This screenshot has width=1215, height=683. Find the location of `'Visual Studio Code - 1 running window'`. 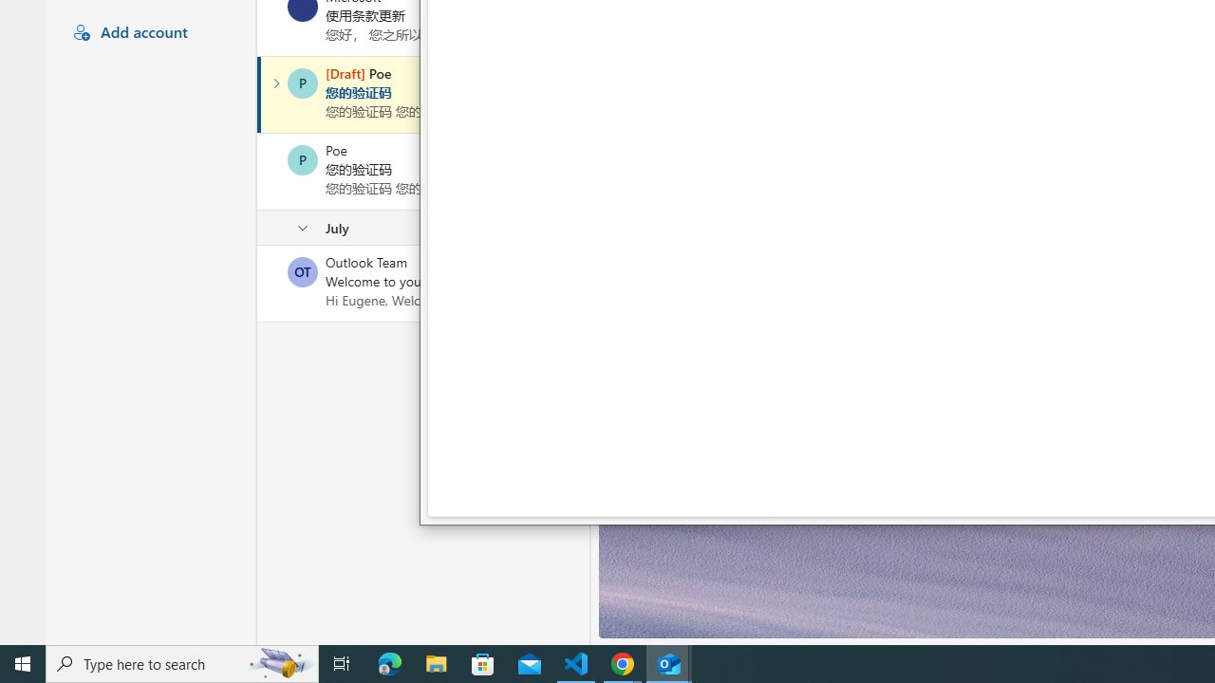

'Visual Studio Code - 1 running window' is located at coordinates (575, 662).